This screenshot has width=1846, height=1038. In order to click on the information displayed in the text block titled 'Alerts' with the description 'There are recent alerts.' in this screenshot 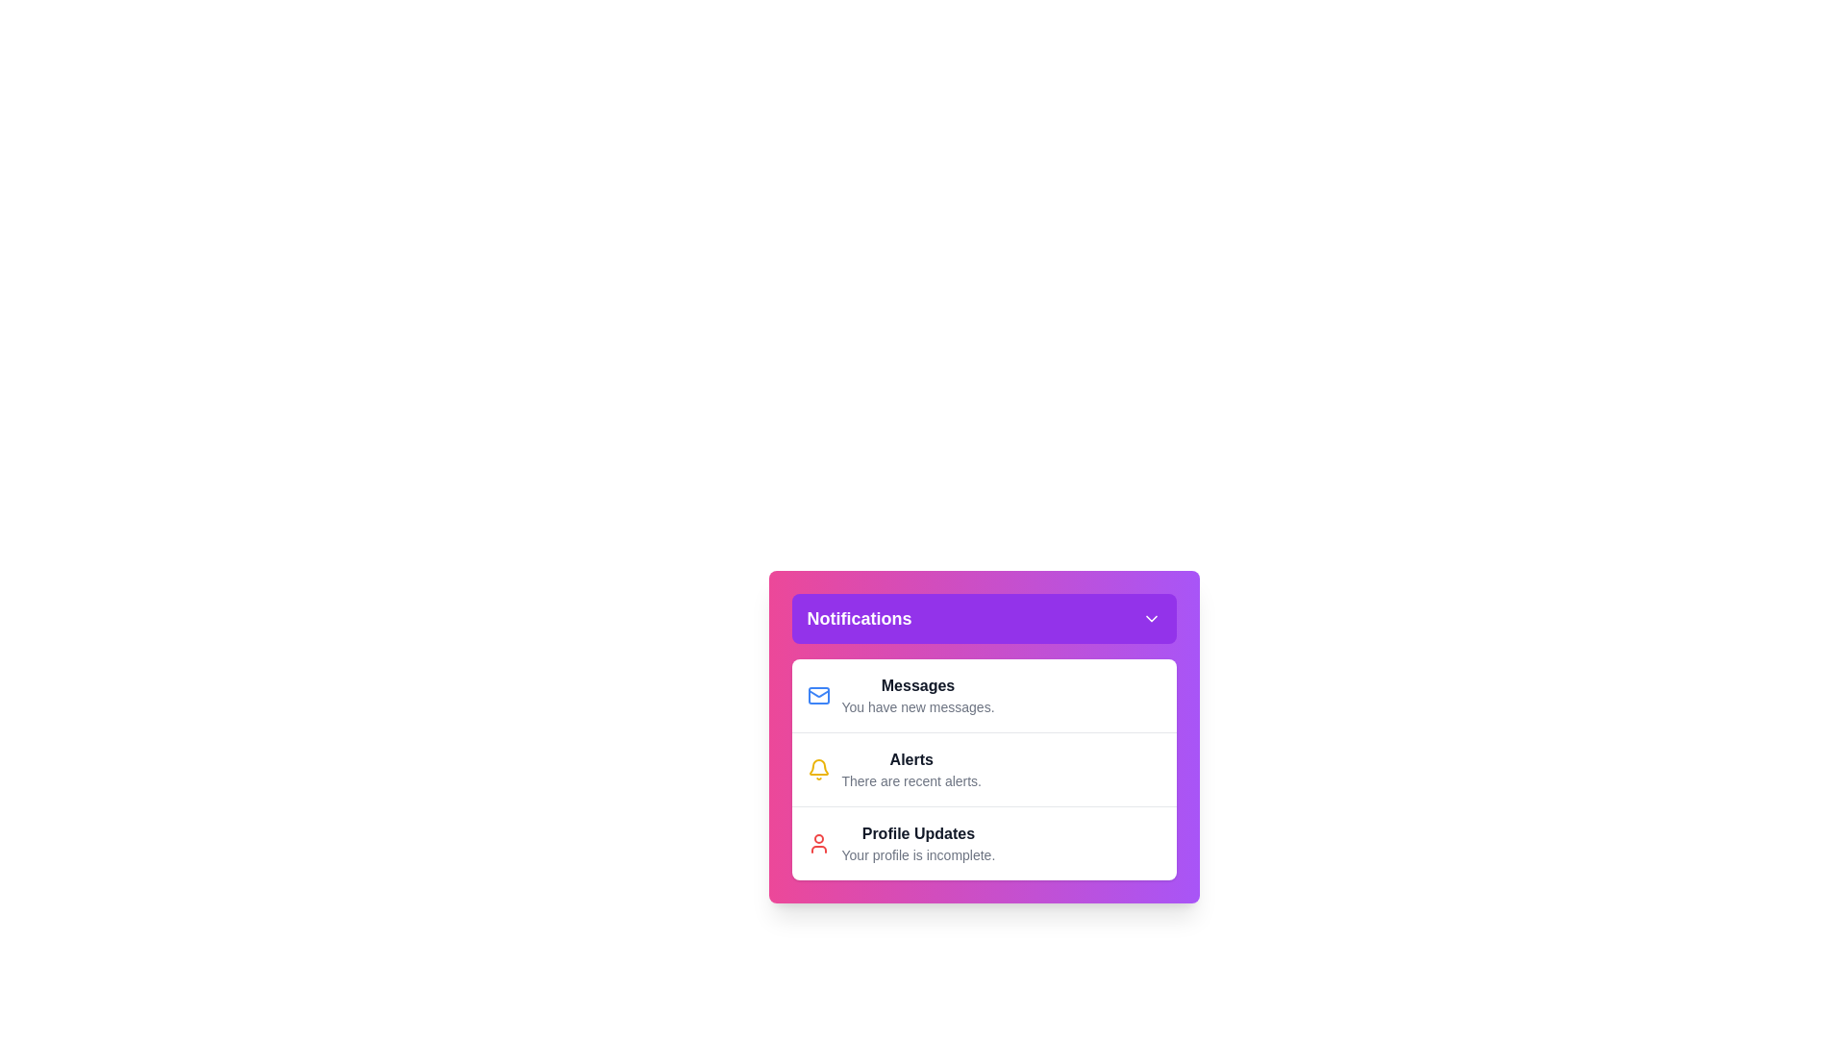, I will do `click(911, 769)`.